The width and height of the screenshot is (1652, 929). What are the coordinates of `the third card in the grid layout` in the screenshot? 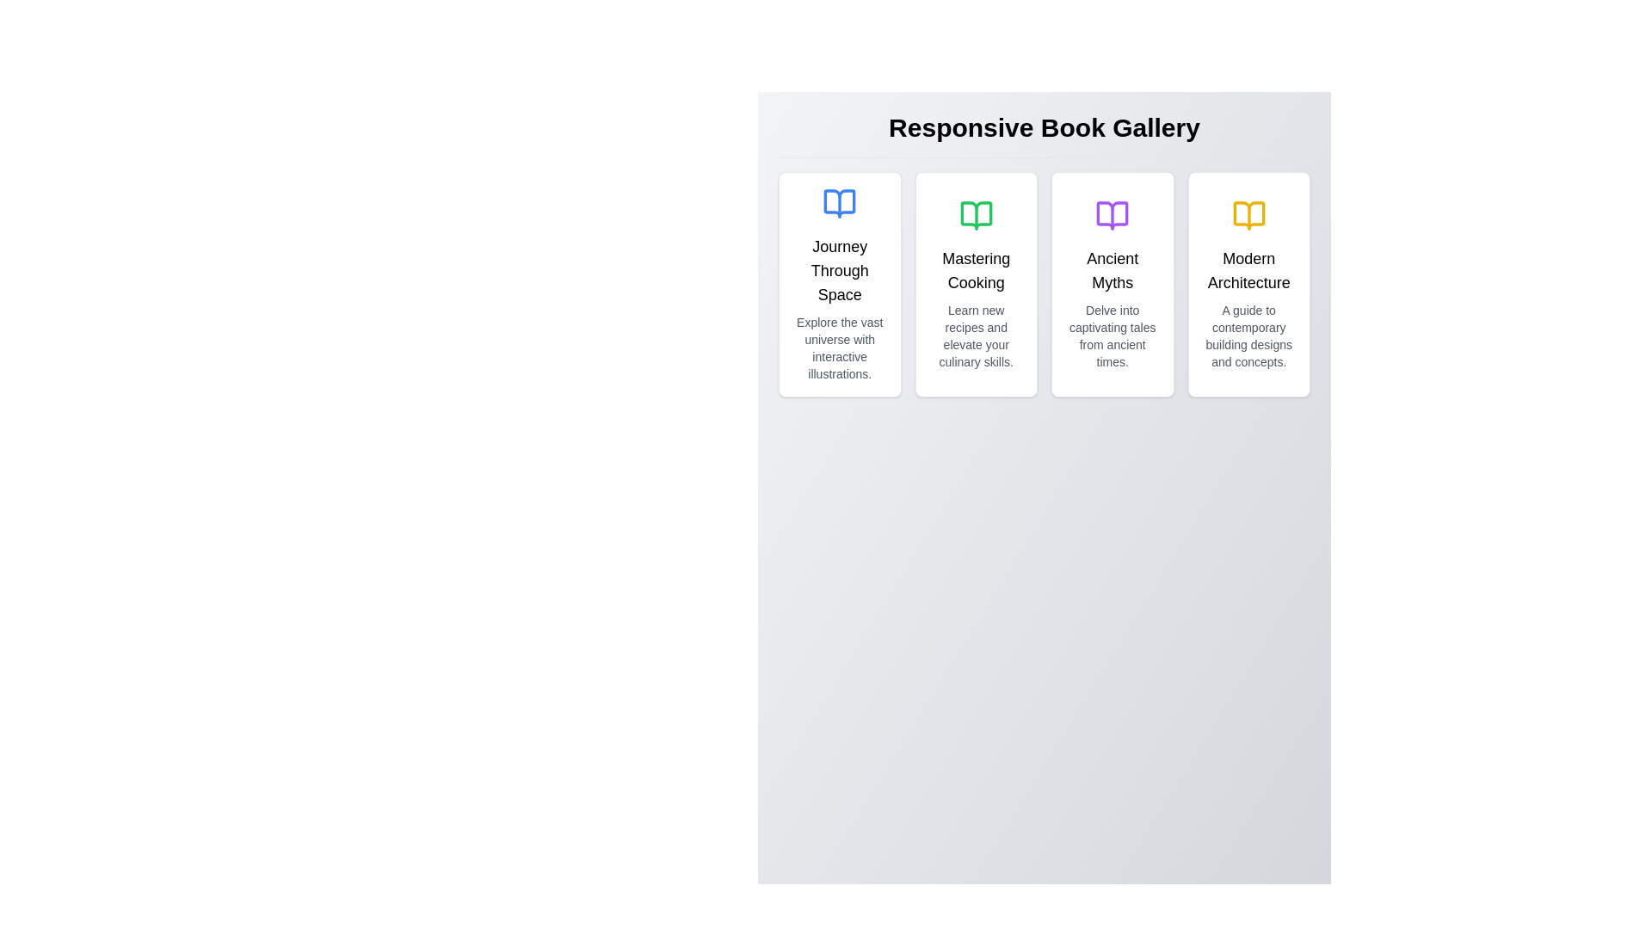 It's located at (1044, 284).